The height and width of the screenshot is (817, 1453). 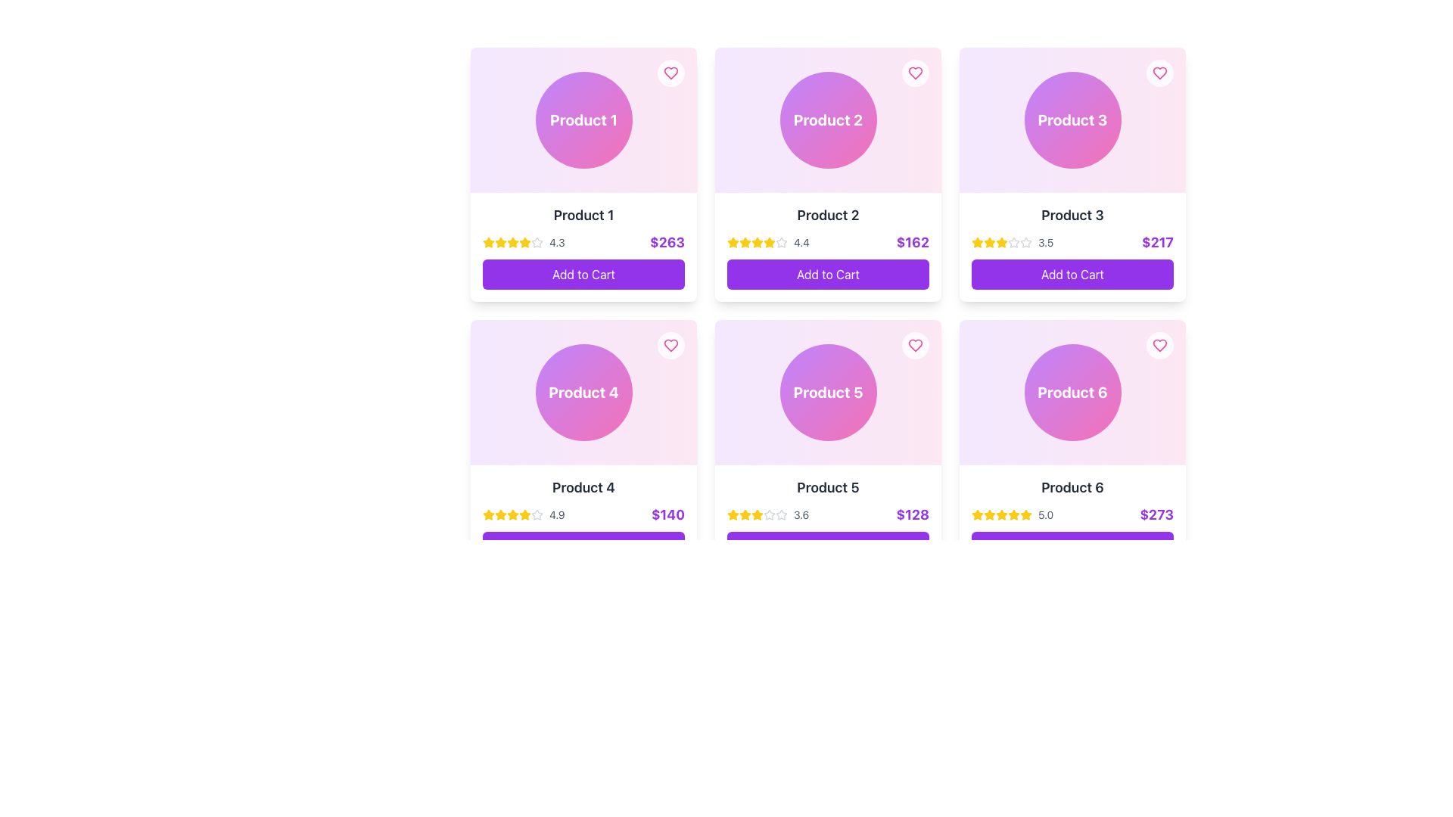 What do you see at coordinates (733, 514) in the screenshot?
I see `the first yellow star icon in the rating area of the 'Product 5' card, located in the second row, second column of the grid layout` at bounding box center [733, 514].